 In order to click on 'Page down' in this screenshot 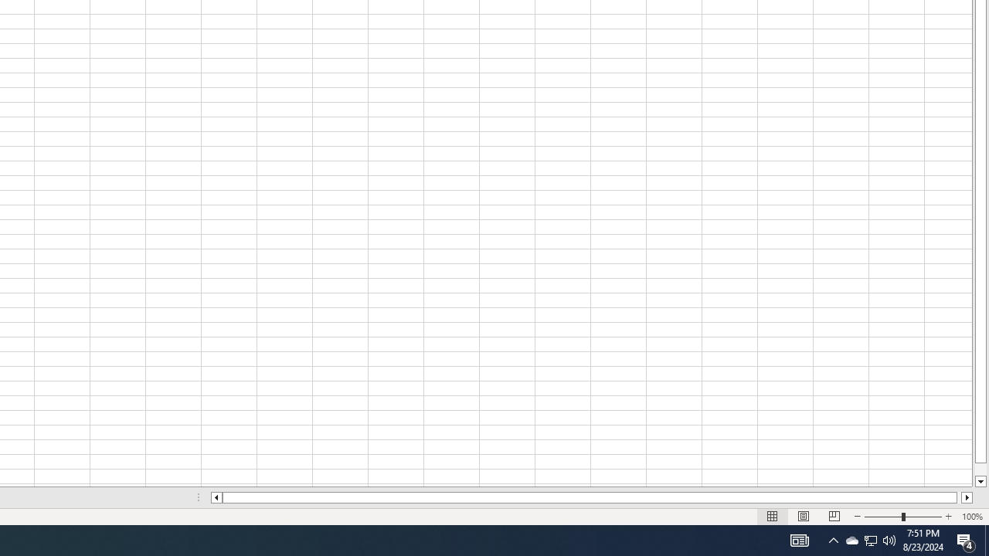, I will do `click(980, 469)`.